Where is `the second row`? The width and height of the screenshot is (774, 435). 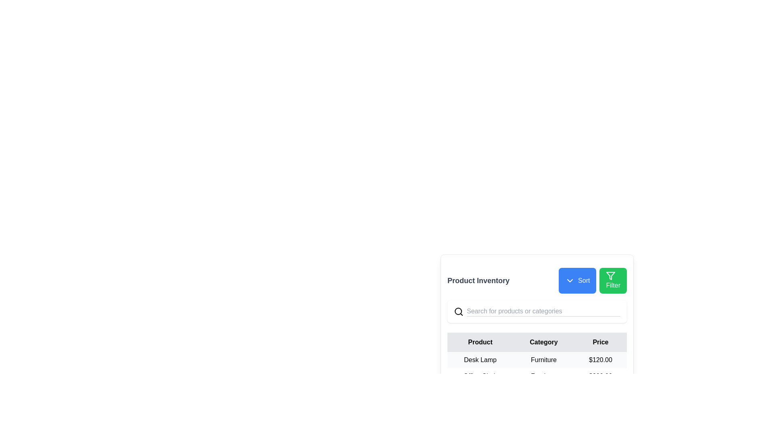
the second row is located at coordinates (537, 376).